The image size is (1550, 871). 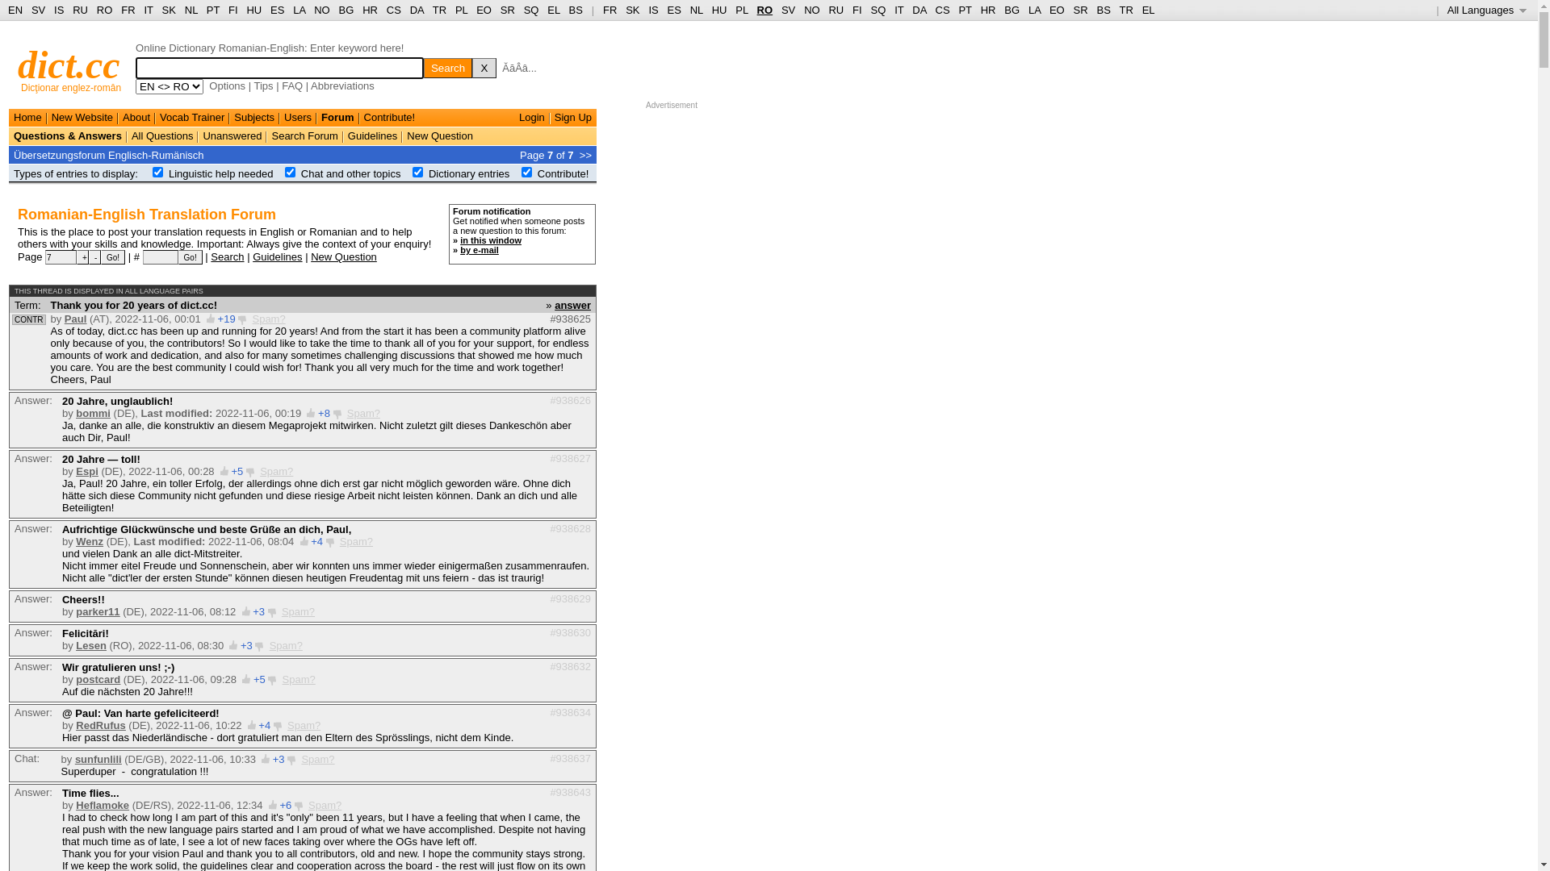 What do you see at coordinates (291, 85) in the screenshot?
I see `'FAQ'` at bounding box center [291, 85].